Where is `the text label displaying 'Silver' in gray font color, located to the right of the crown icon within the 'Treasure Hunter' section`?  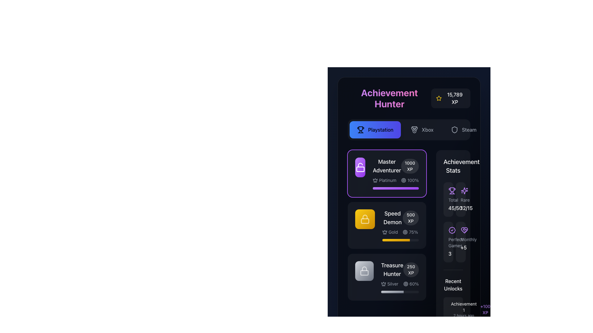
the text label displaying 'Silver' in gray font color, located to the right of the crown icon within the 'Treasure Hunter' section is located at coordinates (393, 284).